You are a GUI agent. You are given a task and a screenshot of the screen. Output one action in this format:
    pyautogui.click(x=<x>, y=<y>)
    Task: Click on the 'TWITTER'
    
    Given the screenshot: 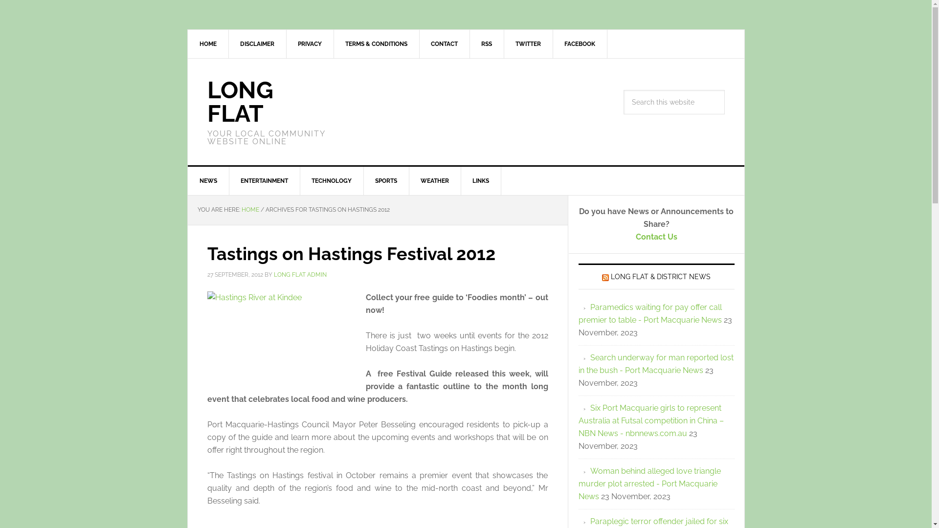 What is the action you would take?
    pyautogui.click(x=504, y=43)
    